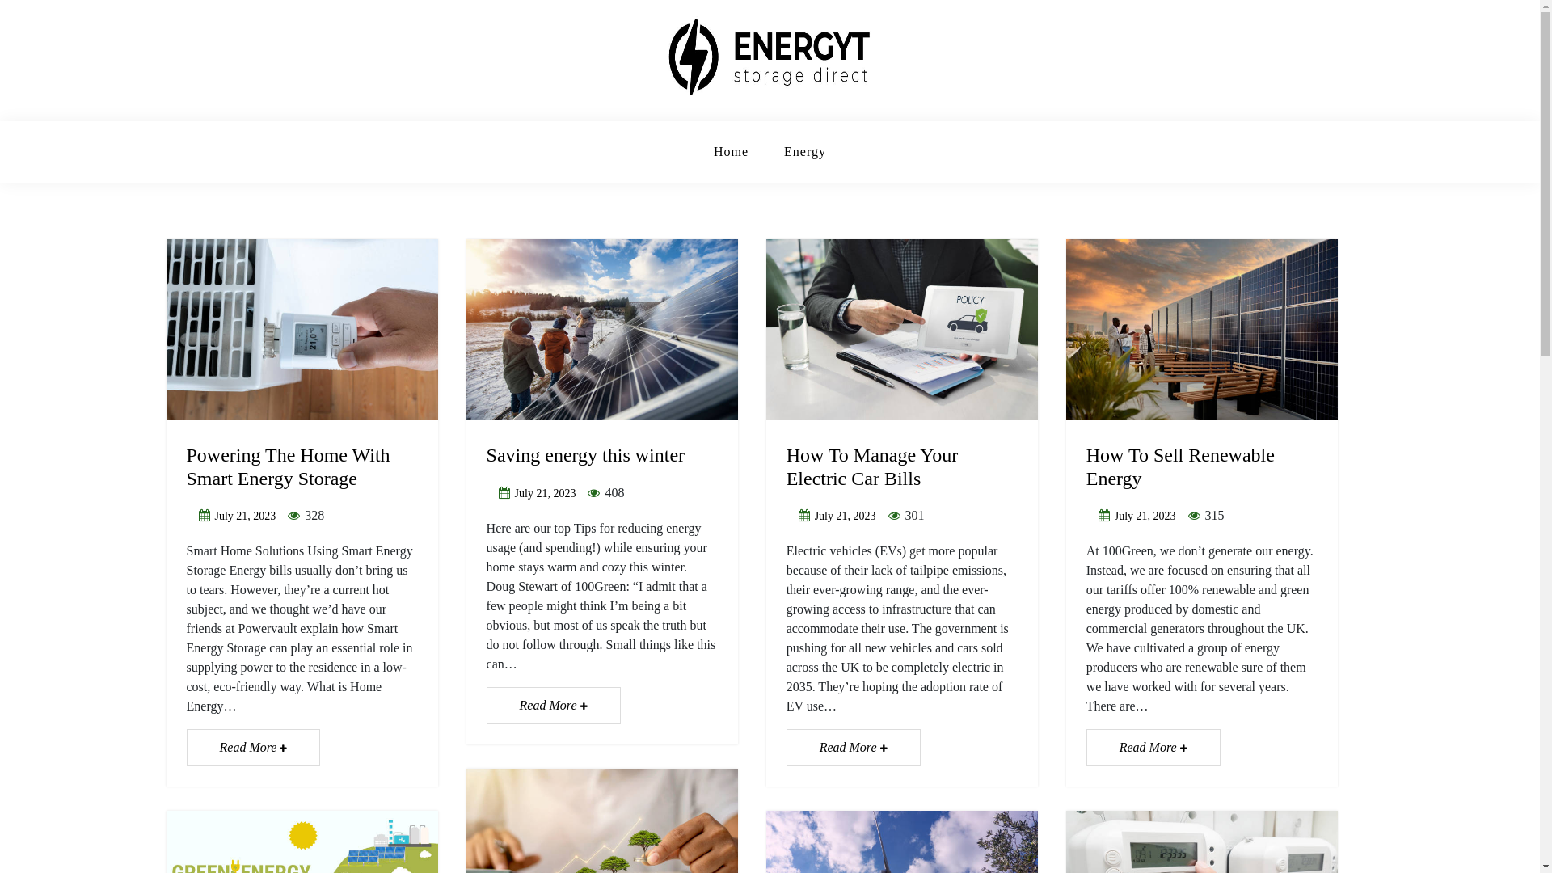 This screenshot has width=1552, height=873. What do you see at coordinates (805, 152) in the screenshot?
I see `'Energy'` at bounding box center [805, 152].